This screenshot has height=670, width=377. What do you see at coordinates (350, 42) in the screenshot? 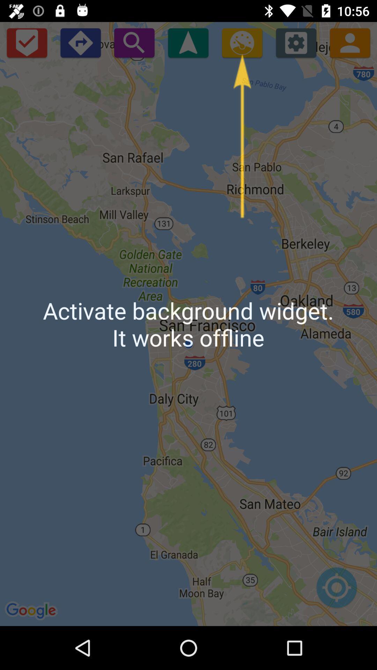
I see `open contacts` at bounding box center [350, 42].